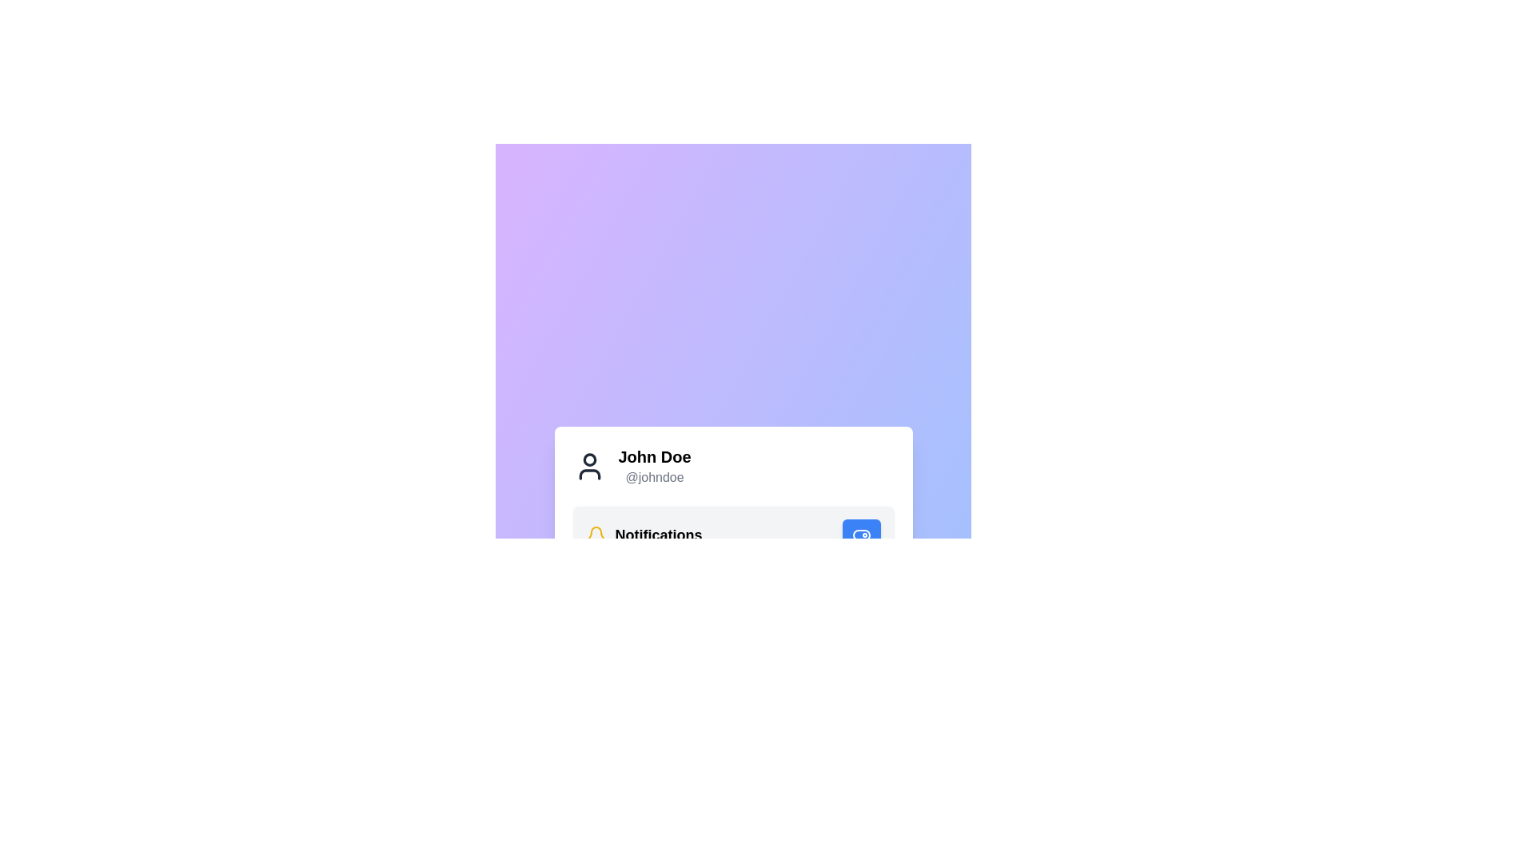 This screenshot has width=1535, height=863. Describe the element at coordinates (588, 466) in the screenshot. I see `the user icon, a minimalist black outline of a human, located at the leftmost part of the user profile section adjacent to the user's name 'John Doe' and username '@johndoe'` at that location.